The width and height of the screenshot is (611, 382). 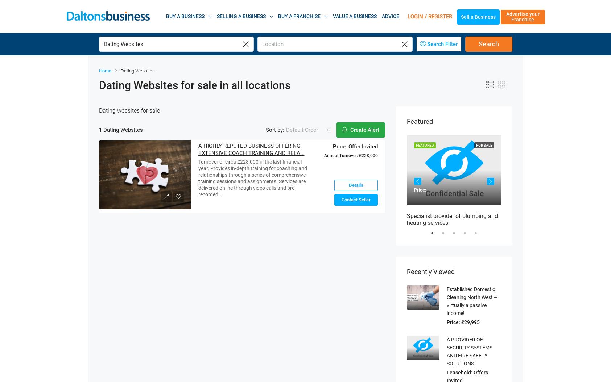 What do you see at coordinates (367, 147) in the screenshot?
I see `'£228,000'` at bounding box center [367, 147].